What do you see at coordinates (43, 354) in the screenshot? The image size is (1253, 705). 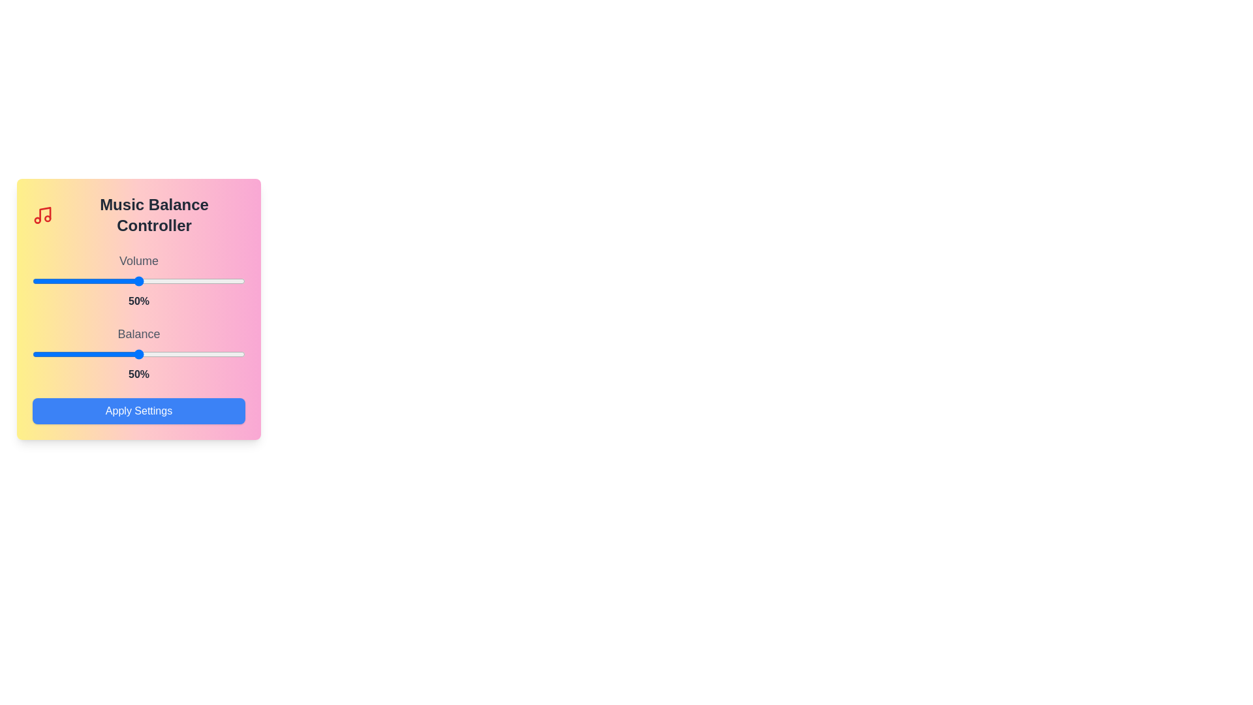 I see `the balance slider to 5%` at bounding box center [43, 354].